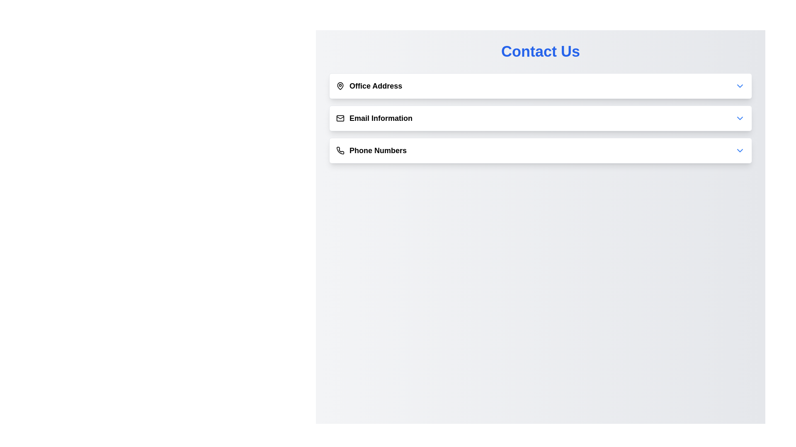 This screenshot has height=447, width=796. I want to click on the decorative graphic element within the mail icon that is styled as an envelope, so click(340, 118).